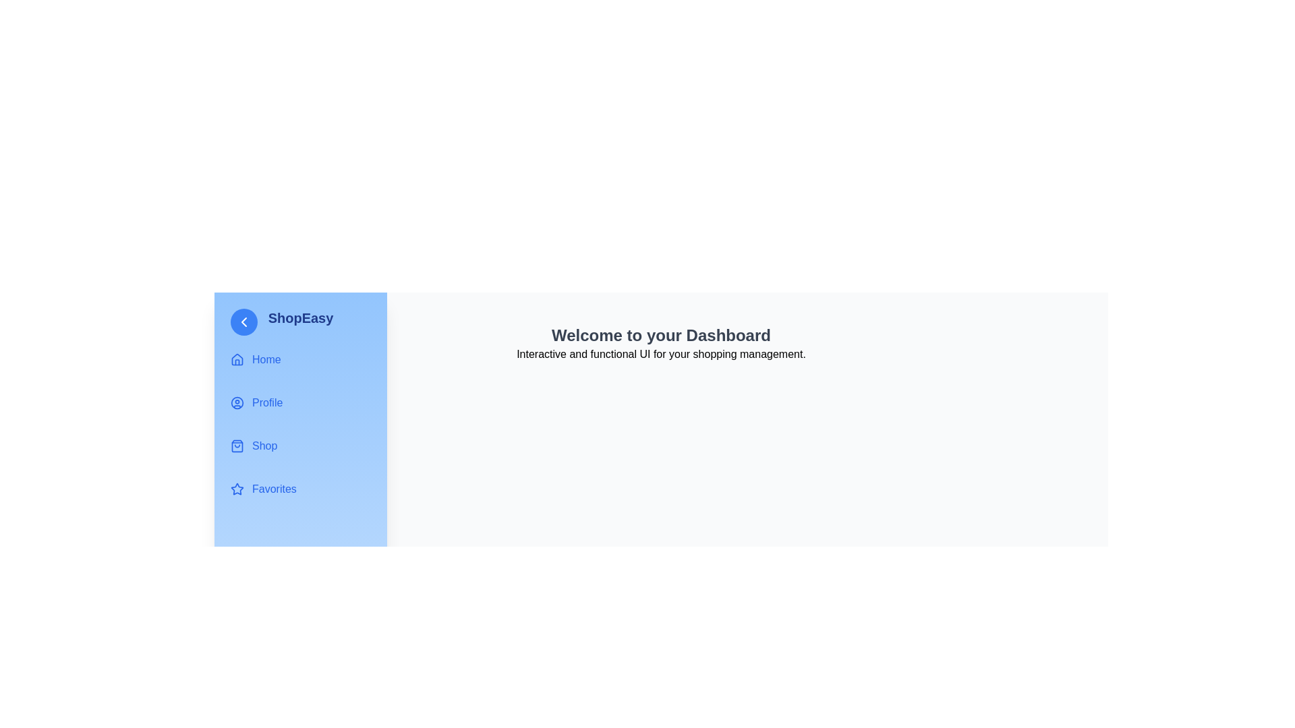  Describe the element at coordinates (237, 446) in the screenshot. I see `the shopping bag icon located in the navigation menu next to the 'Shop' label` at that location.